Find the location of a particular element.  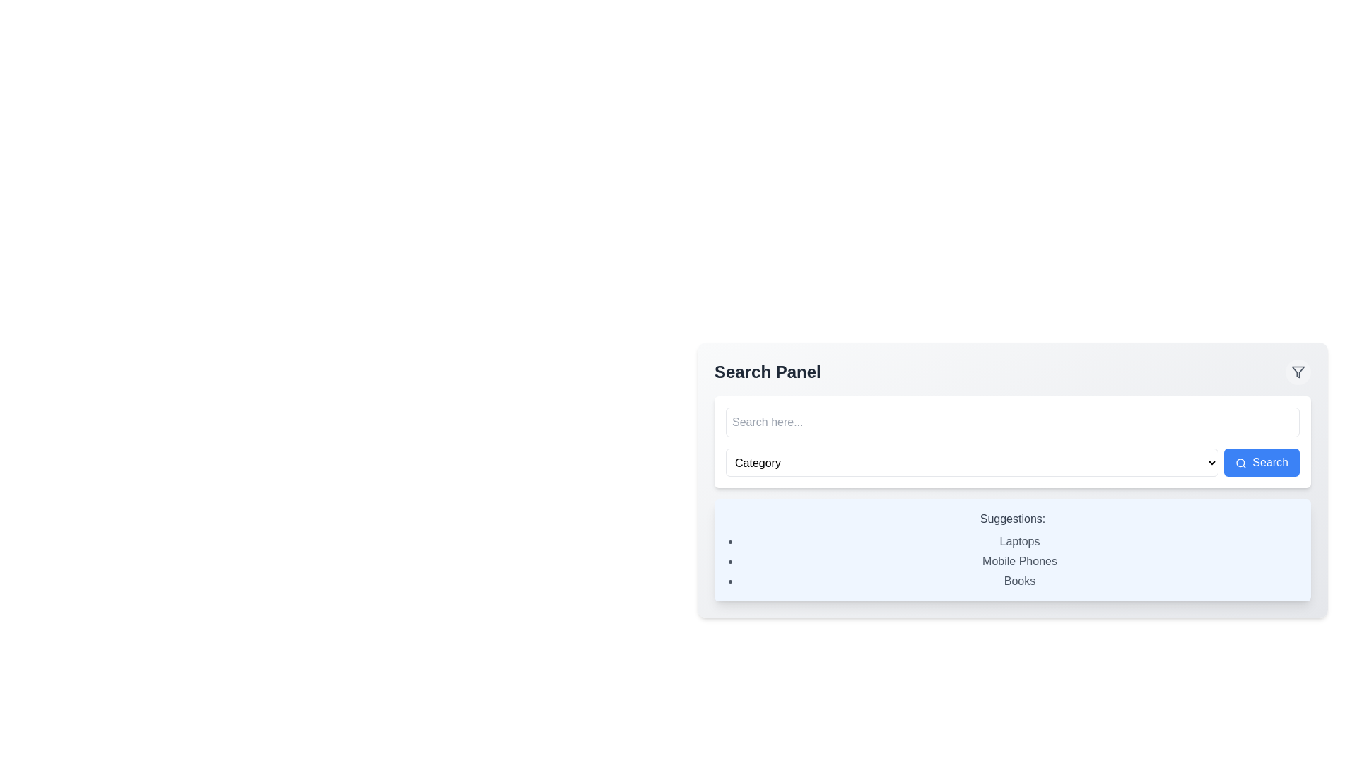

the text label that says 'Suggestions:' which is styled with a gray color and positioned as a header for the items below it, located in a blue background section below the search field and dropdown menu is located at coordinates (1012, 519).